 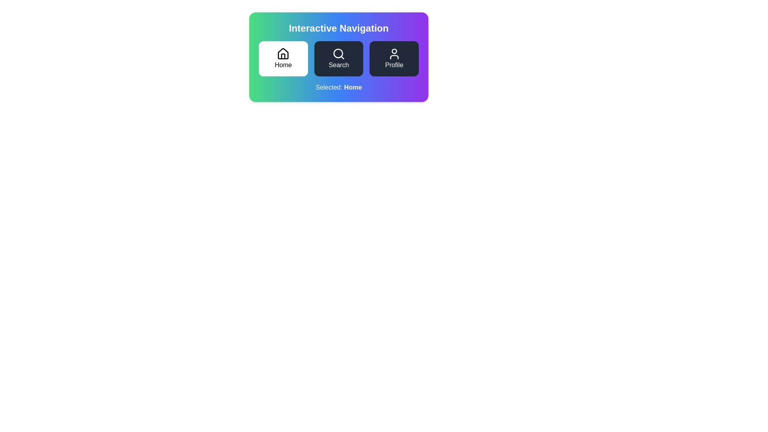 I want to click on the Text Label that displays the currently selected navigation option, positioned below the navigation buttons in the bottom section of the module, so click(x=338, y=88).